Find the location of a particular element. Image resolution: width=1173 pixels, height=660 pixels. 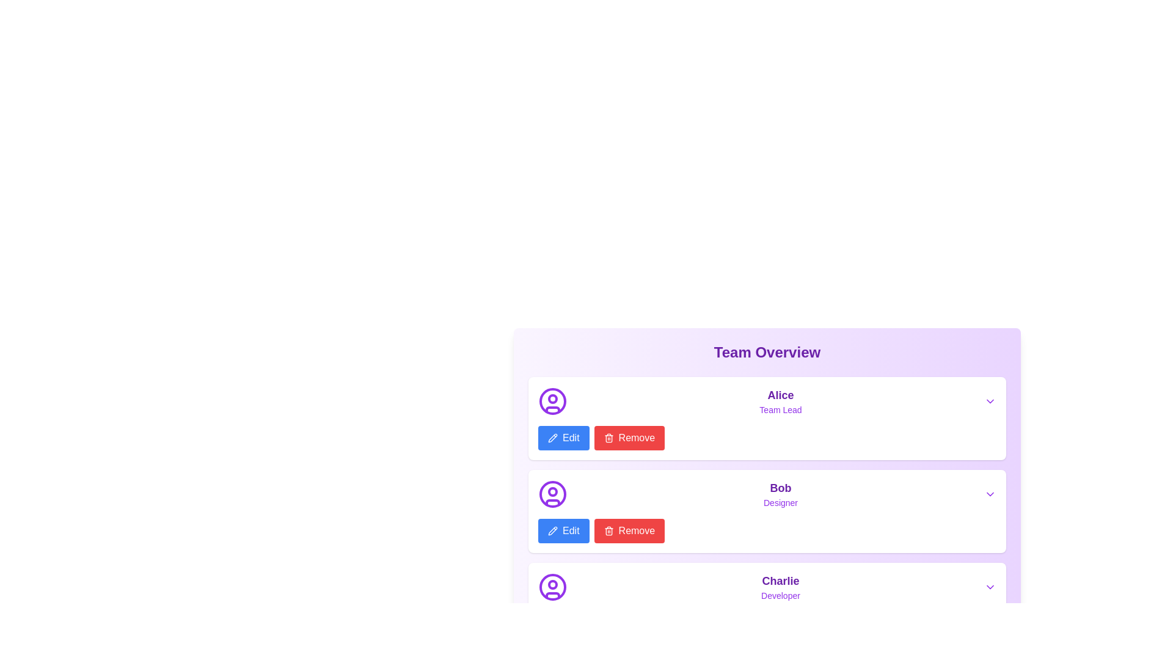

the profile summary card entry for 'Alice' is located at coordinates (767, 401).